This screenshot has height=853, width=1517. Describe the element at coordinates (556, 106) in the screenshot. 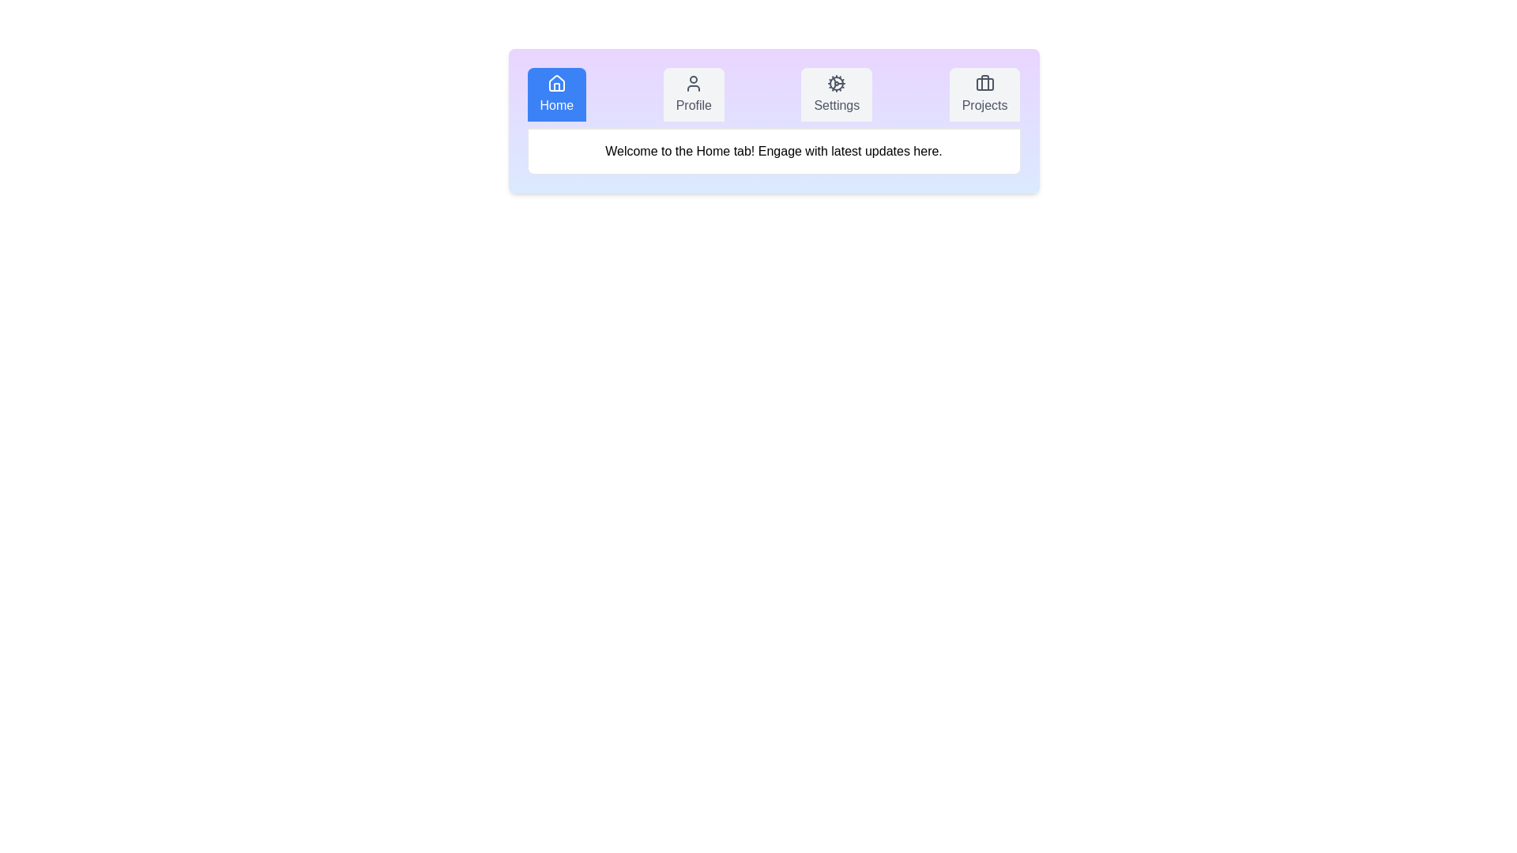

I see `the text label within the home navigation button located at the top of the interface, positioned below the house icon` at that location.